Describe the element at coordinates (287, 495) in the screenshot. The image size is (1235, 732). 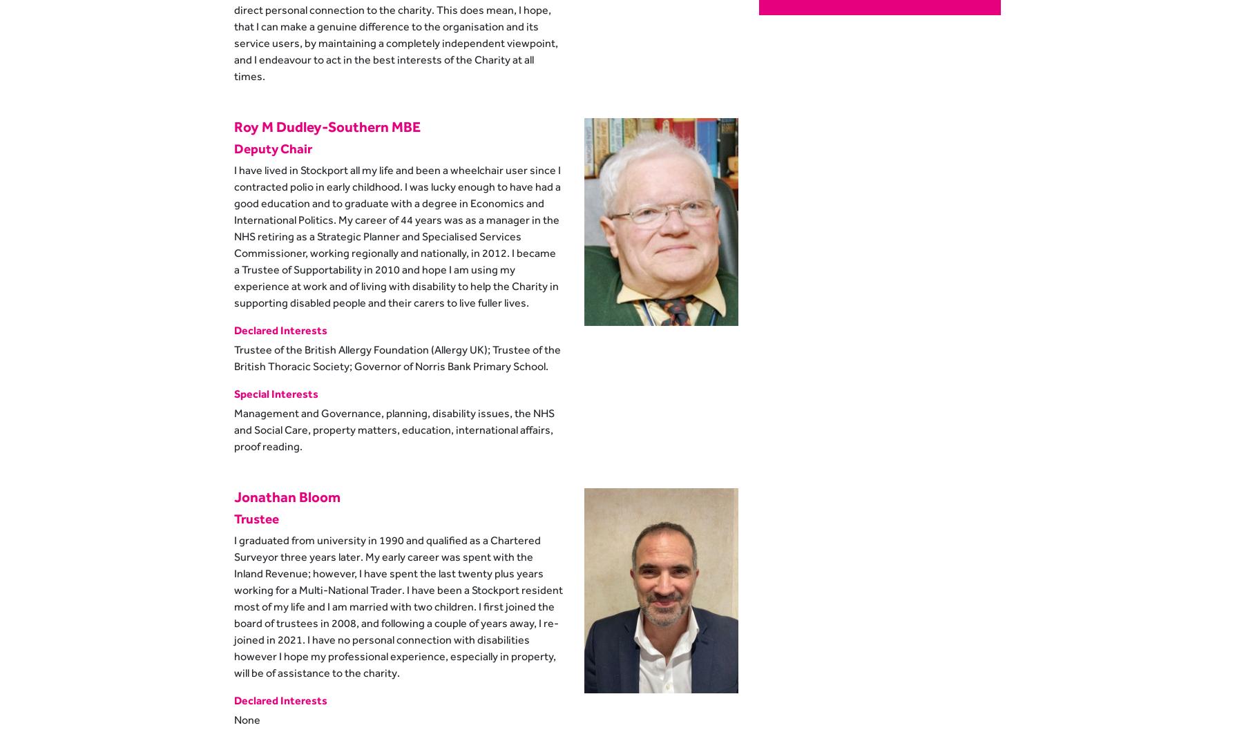
I see `'Jonathan Bloom'` at that location.